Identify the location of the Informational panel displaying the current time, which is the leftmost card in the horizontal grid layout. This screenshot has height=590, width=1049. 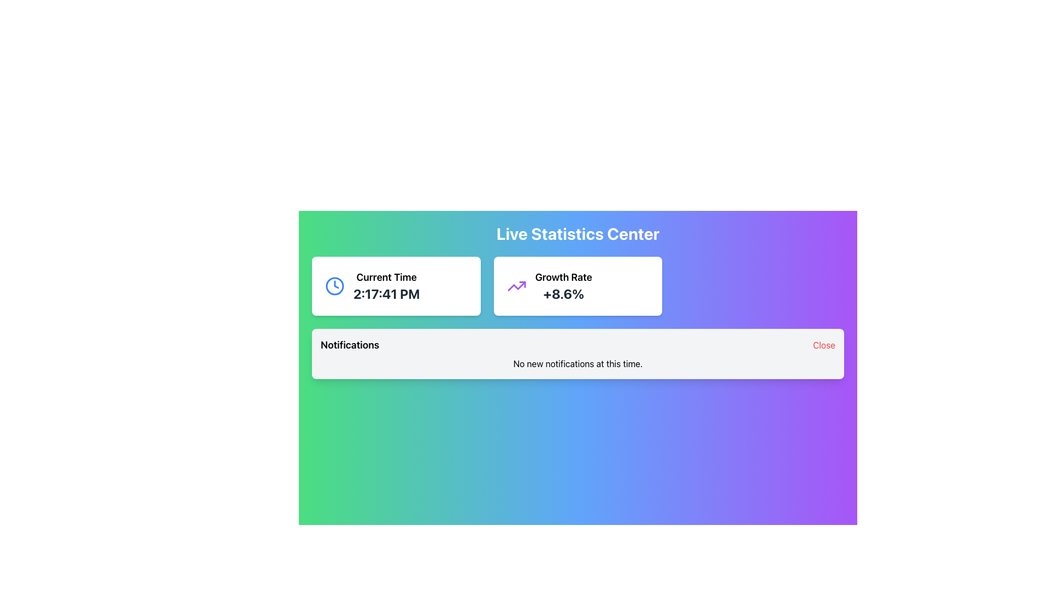
(396, 286).